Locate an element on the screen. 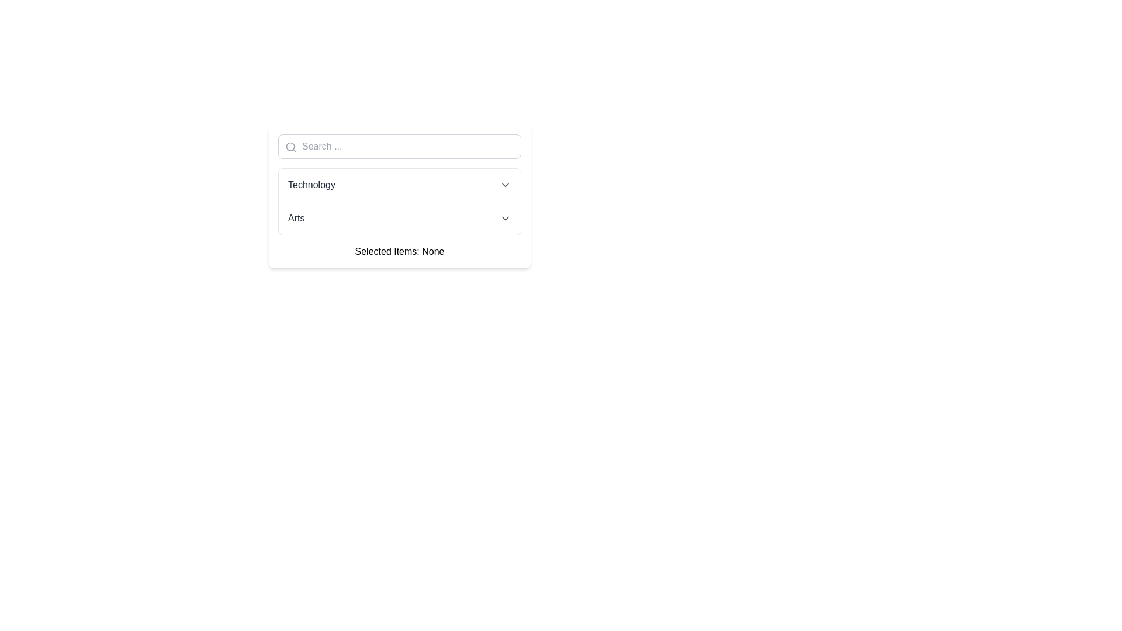 This screenshot has width=1122, height=631. the circular graphical element that represents the search icon, located at the left of the input area in the search bar header is located at coordinates (290, 146).